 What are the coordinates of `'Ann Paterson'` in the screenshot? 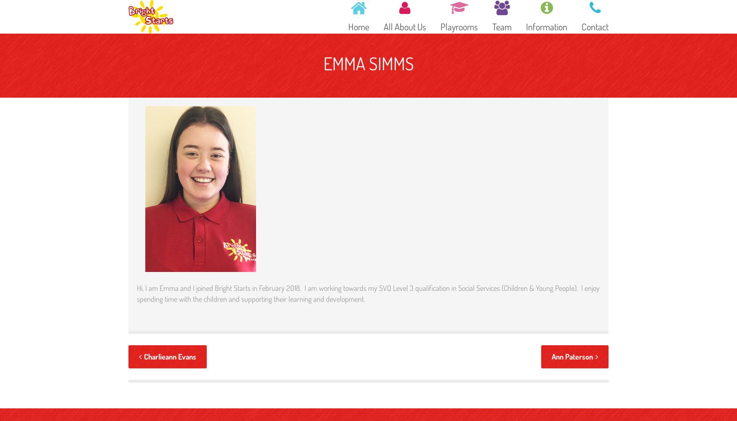 It's located at (572, 356).